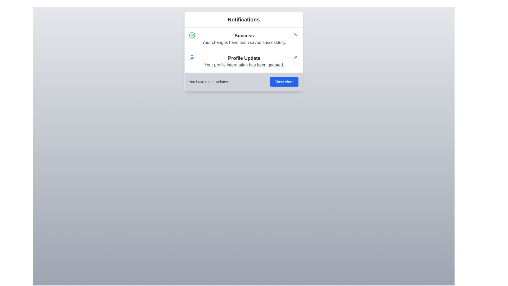 The image size is (508, 286). What do you see at coordinates (243, 19) in the screenshot?
I see `the title bar of the notification container` at bounding box center [243, 19].